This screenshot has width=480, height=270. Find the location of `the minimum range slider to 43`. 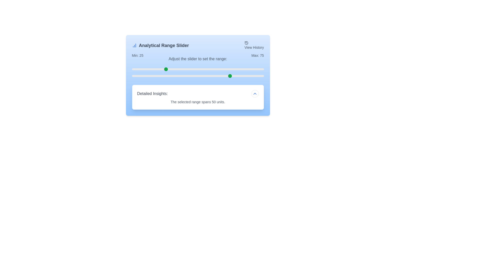

the minimum range slider to 43 is located at coordinates (188, 69).